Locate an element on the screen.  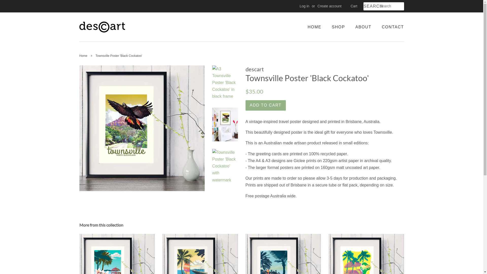
'Cart' is located at coordinates (354, 6).